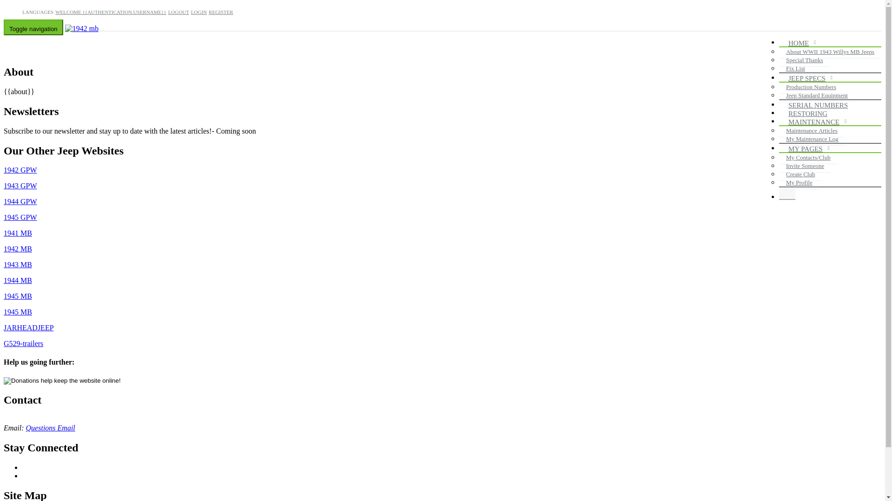  What do you see at coordinates (168, 12) in the screenshot?
I see `'LOGOUT'` at bounding box center [168, 12].